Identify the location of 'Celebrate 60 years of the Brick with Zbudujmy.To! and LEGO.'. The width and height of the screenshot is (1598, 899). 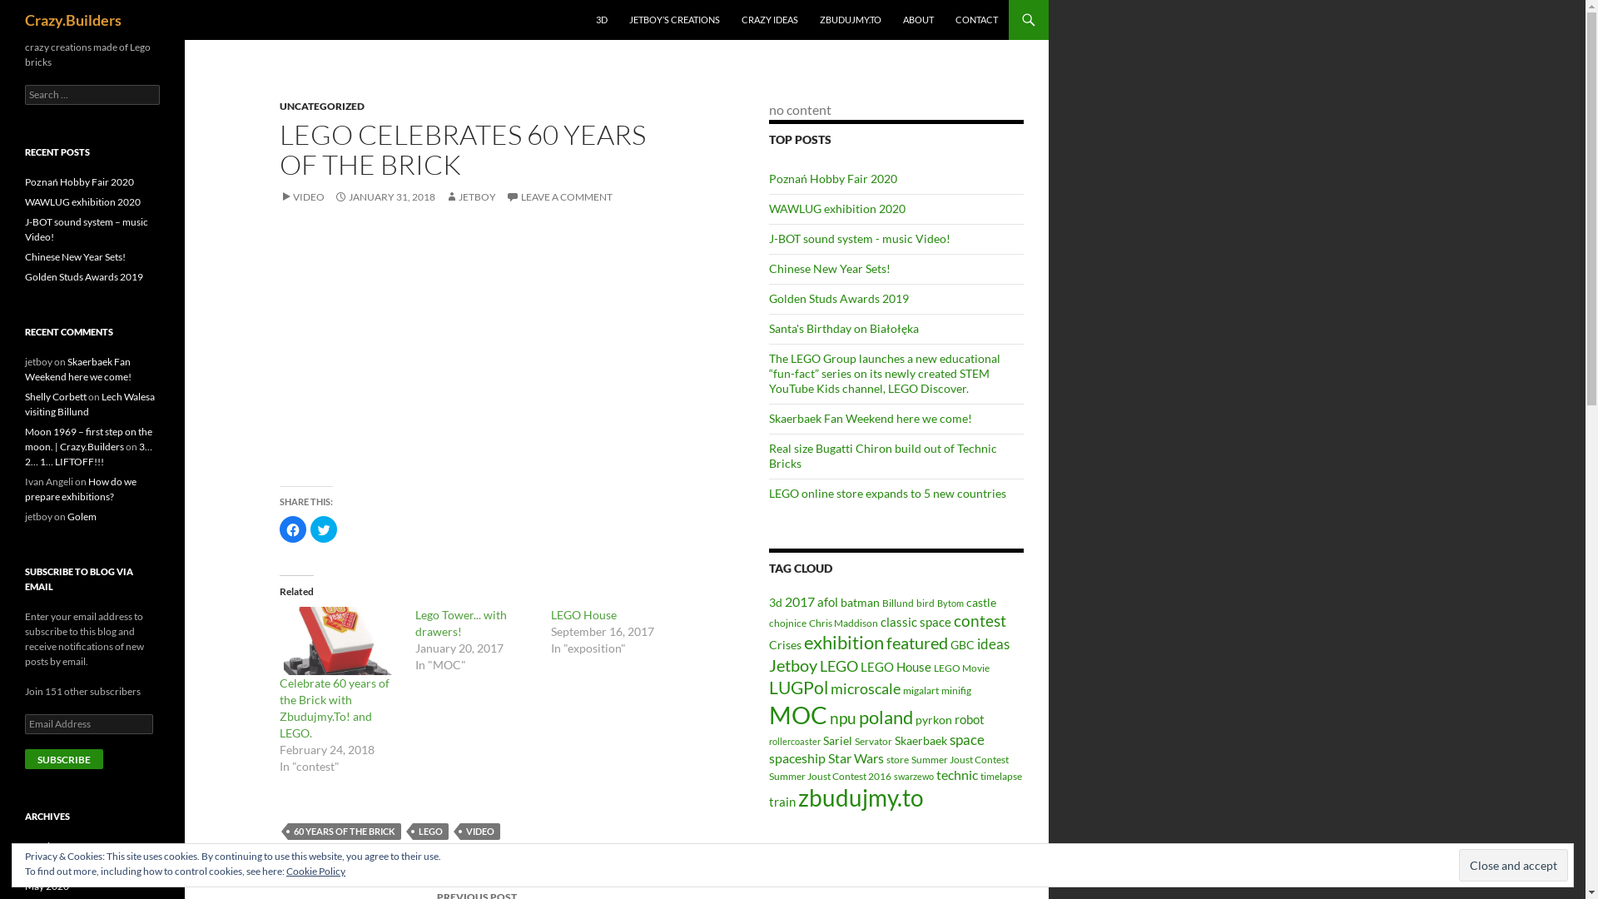
(338, 640).